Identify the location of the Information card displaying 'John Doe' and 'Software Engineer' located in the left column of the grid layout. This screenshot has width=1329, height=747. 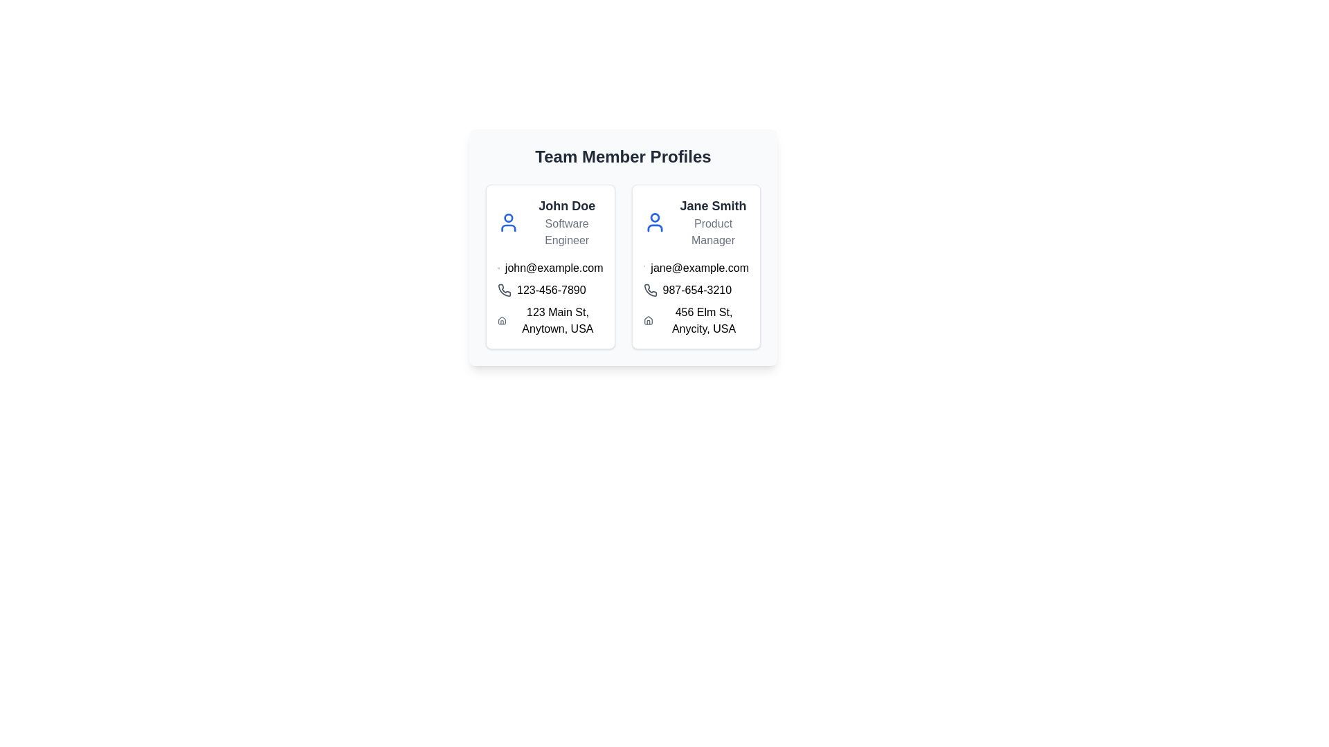
(550, 266).